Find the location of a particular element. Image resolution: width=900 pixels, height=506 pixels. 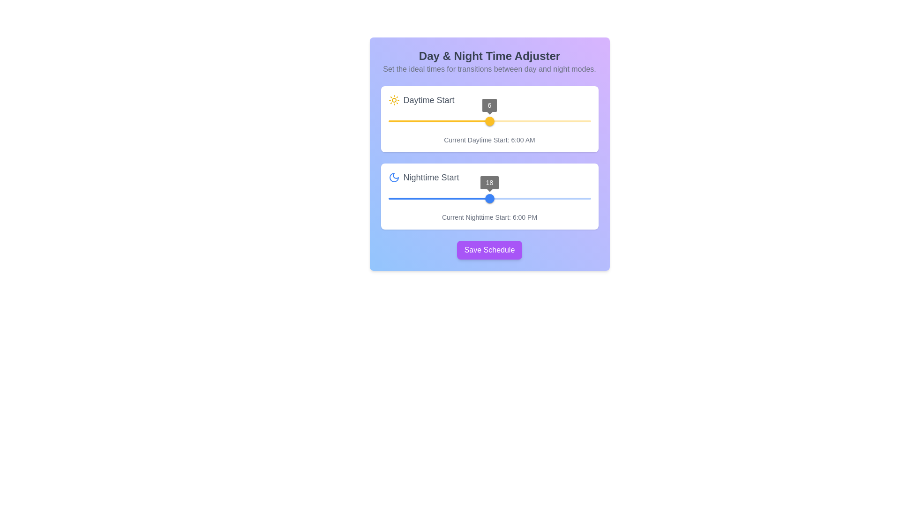

the daytime start is located at coordinates (540, 120).